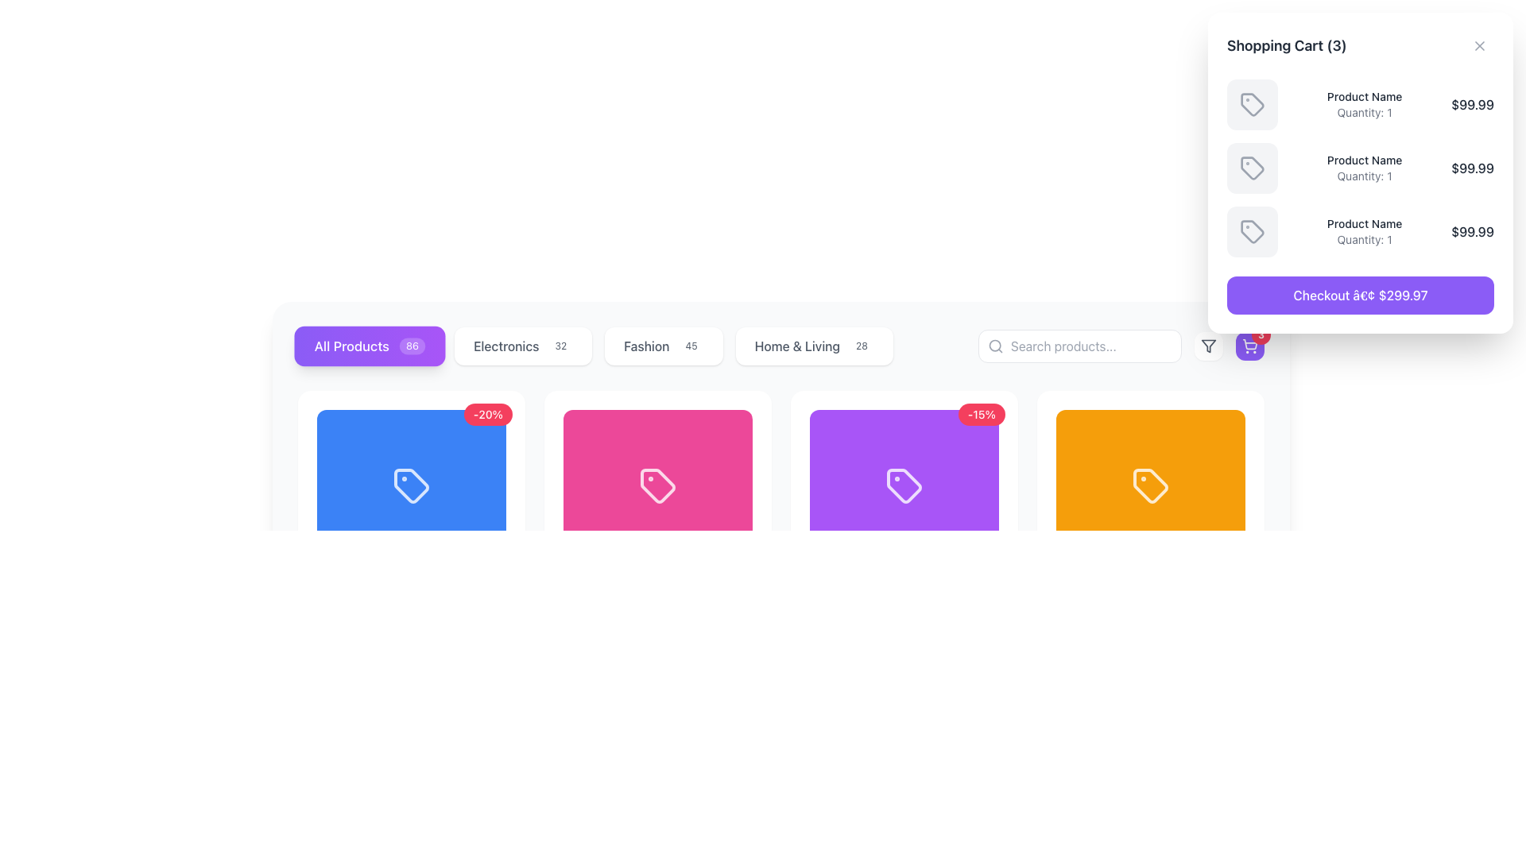  What do you see at coordinates (664, 345) in the screenshot?
I see `the fashion category button located between the 'Electronics' and 'Home & Living' buttons in the navigation bar` at bounding box center [664, 345].